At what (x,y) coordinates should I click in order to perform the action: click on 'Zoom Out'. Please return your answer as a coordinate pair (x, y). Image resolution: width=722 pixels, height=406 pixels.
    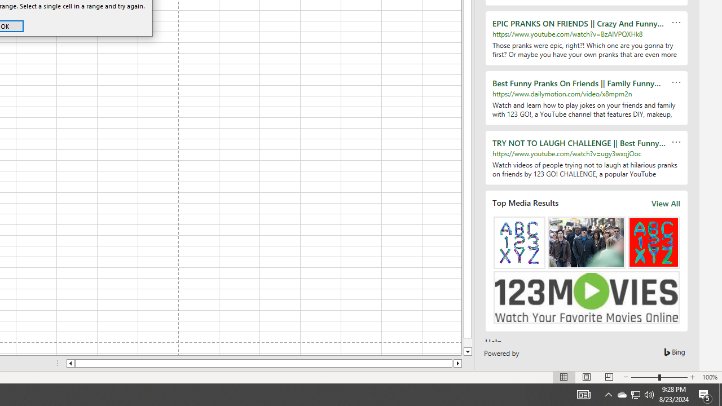
    Looking at the image, I should click on (645, 377).